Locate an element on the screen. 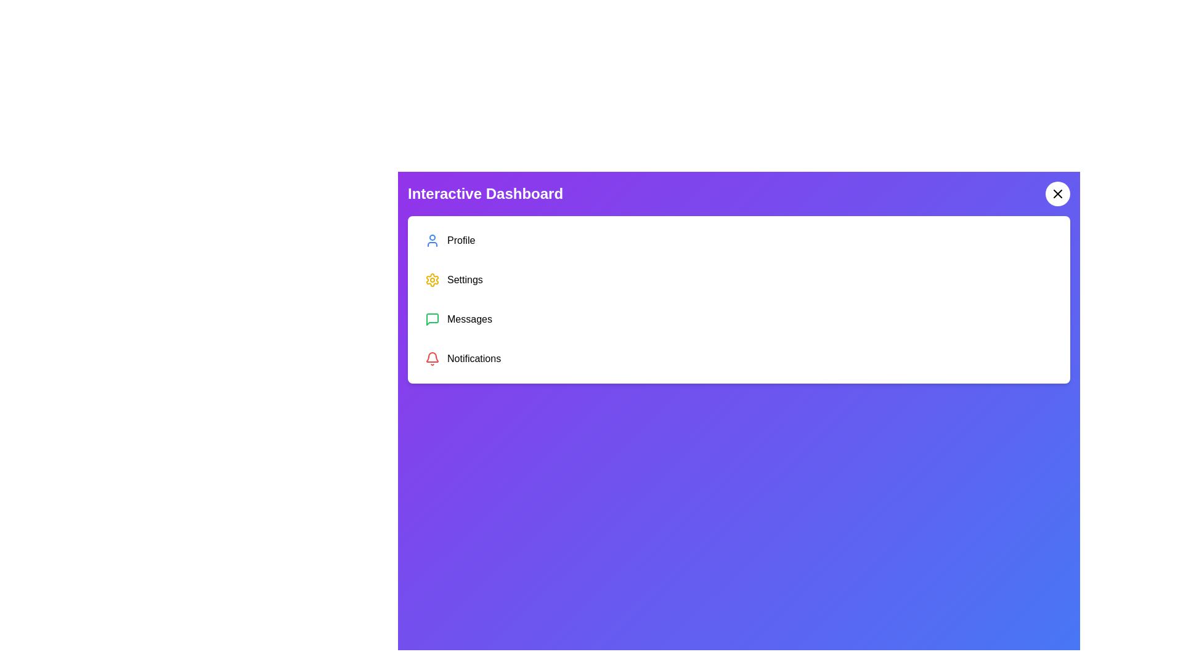 The height and width of the screenshot is (665, 1183). the 'Notifications' label in the 'Interactive Dashboard' interface, which is the fourth item in a vertical list of options beneath 'Messages' is located at coordinates (473, 358).